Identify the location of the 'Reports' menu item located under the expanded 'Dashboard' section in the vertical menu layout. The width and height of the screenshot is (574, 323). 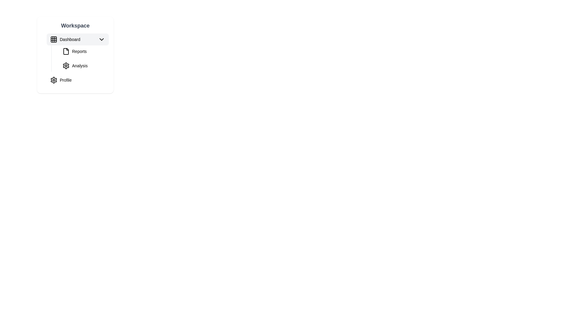
(77, 52).